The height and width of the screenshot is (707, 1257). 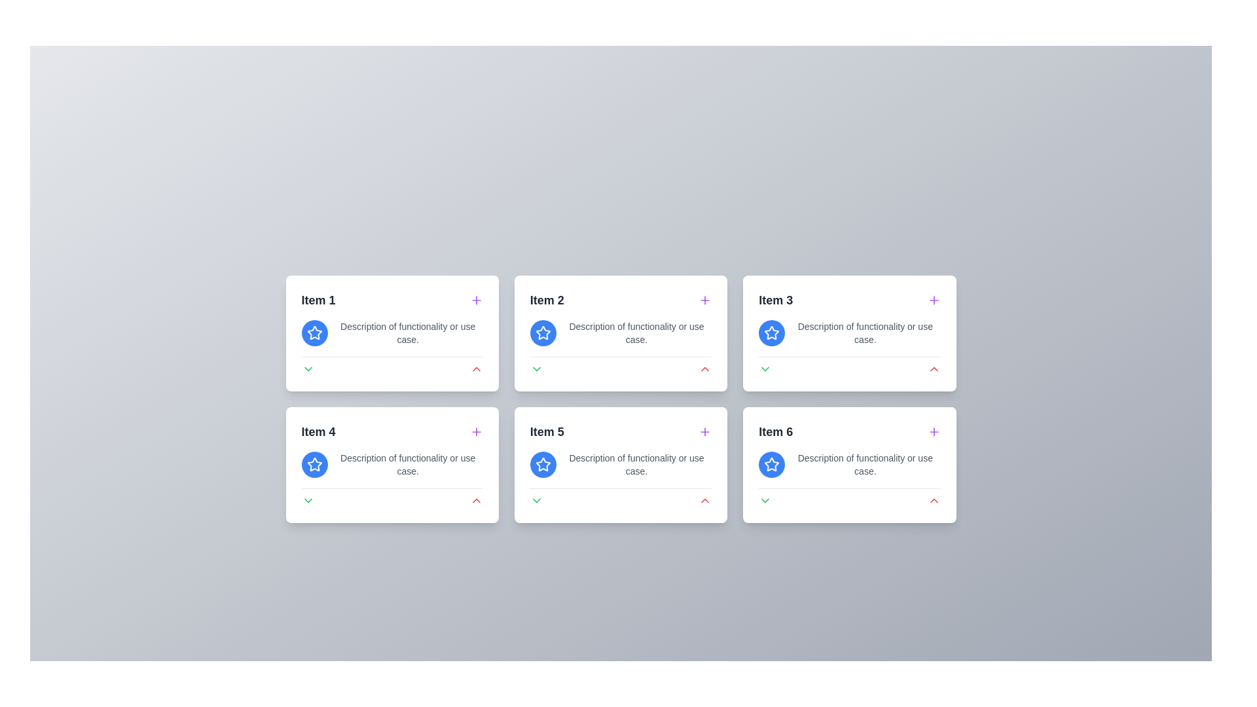 I want to click on the purple-colored plus symbol button, so click(x=704, y=431).